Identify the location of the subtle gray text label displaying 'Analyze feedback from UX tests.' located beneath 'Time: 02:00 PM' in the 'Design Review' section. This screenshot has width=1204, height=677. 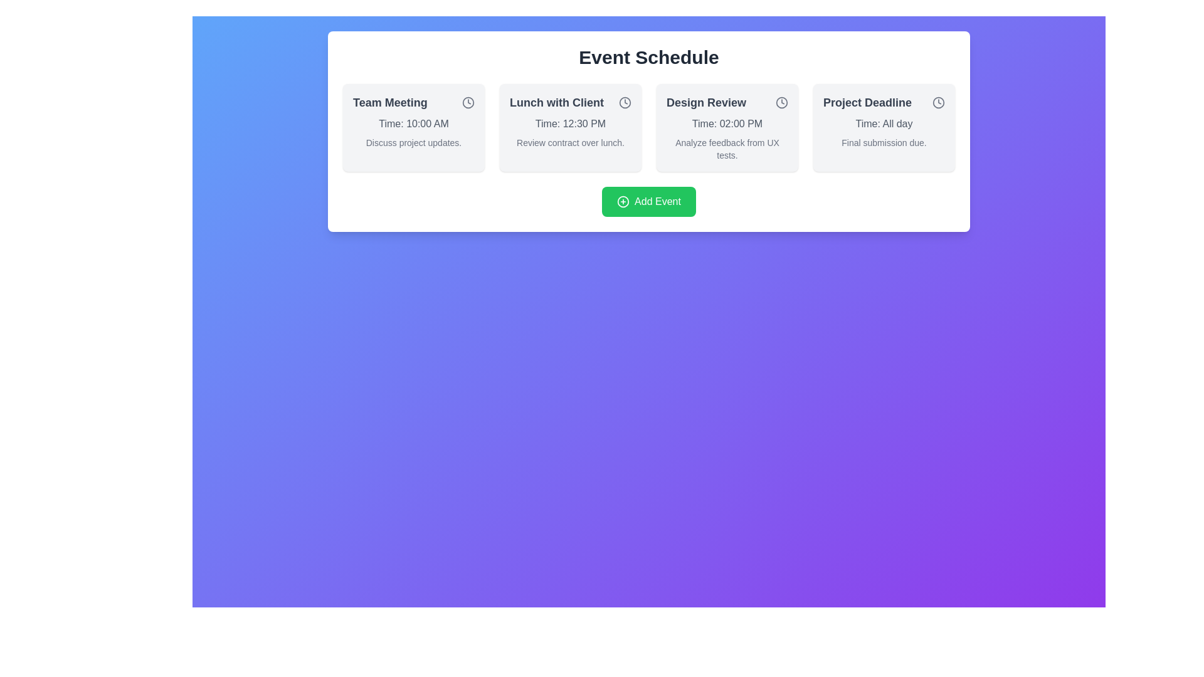
(727, 149).